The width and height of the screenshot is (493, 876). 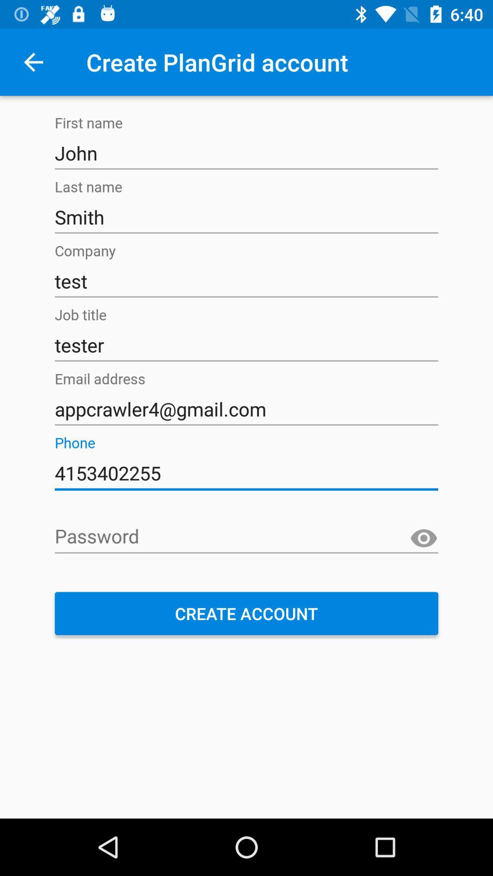 What do you see at coordinates (424, 538) in the screenshot?
I see `password masking` at bounding box center [424, 538].